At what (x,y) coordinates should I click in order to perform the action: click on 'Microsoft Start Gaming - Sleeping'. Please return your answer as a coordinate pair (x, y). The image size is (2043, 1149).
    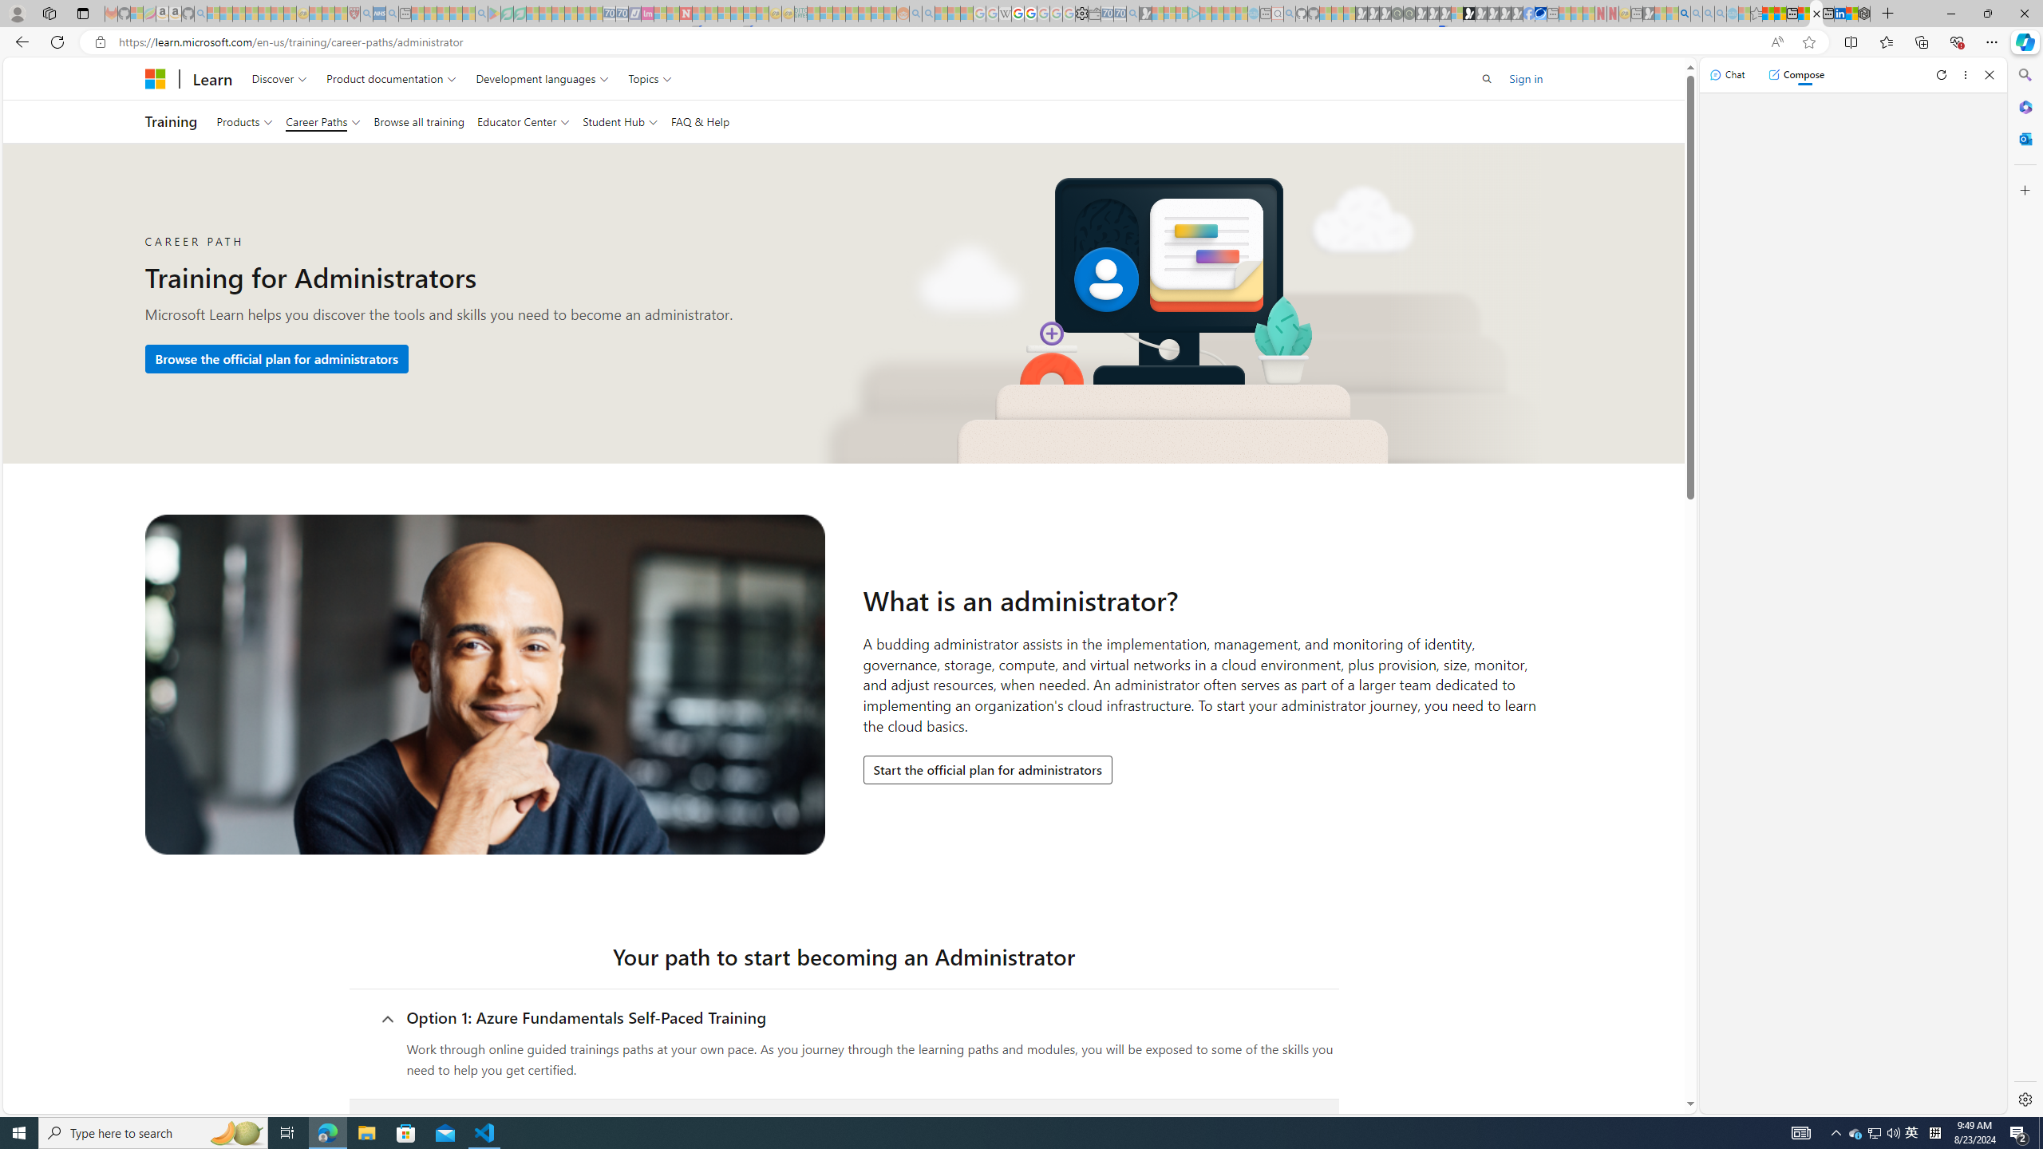
    Looking at the image, I should click on (1144, 13).